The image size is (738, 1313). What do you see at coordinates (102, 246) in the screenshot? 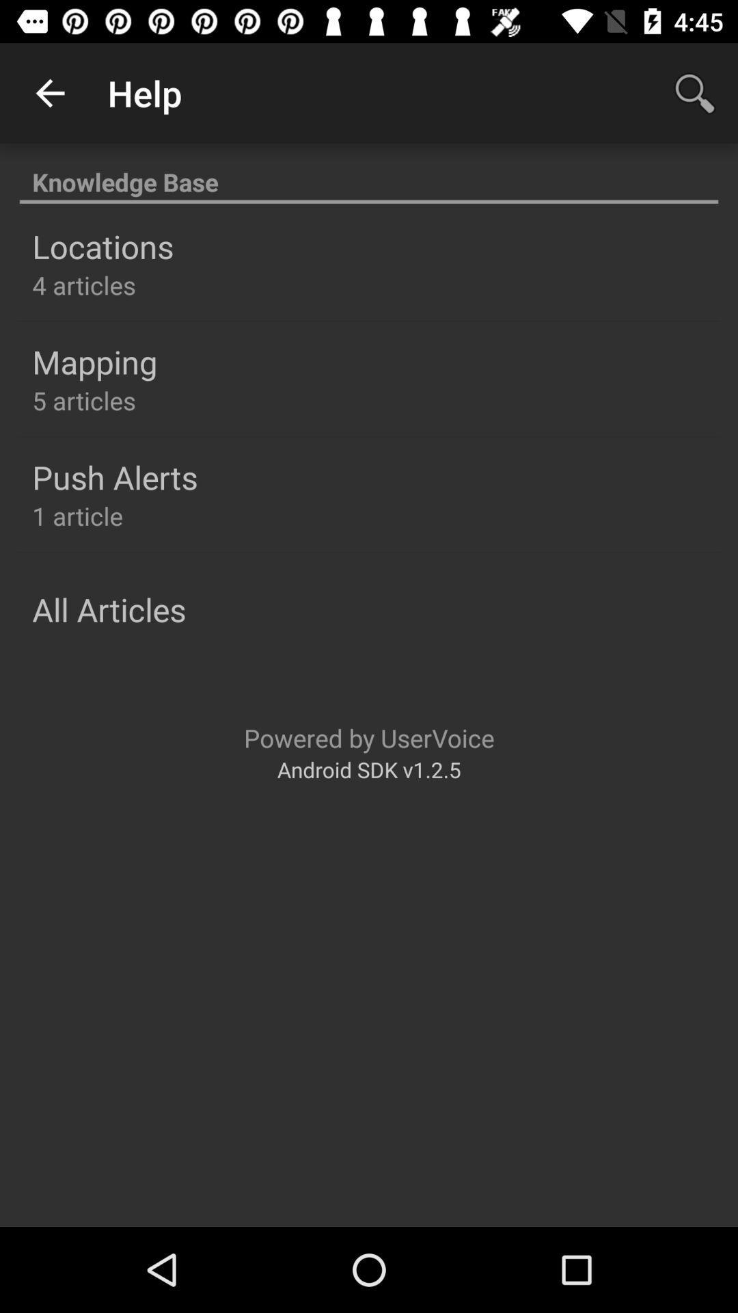
I see `the icon above 4 articles icon` at bounding box center [102, 246].